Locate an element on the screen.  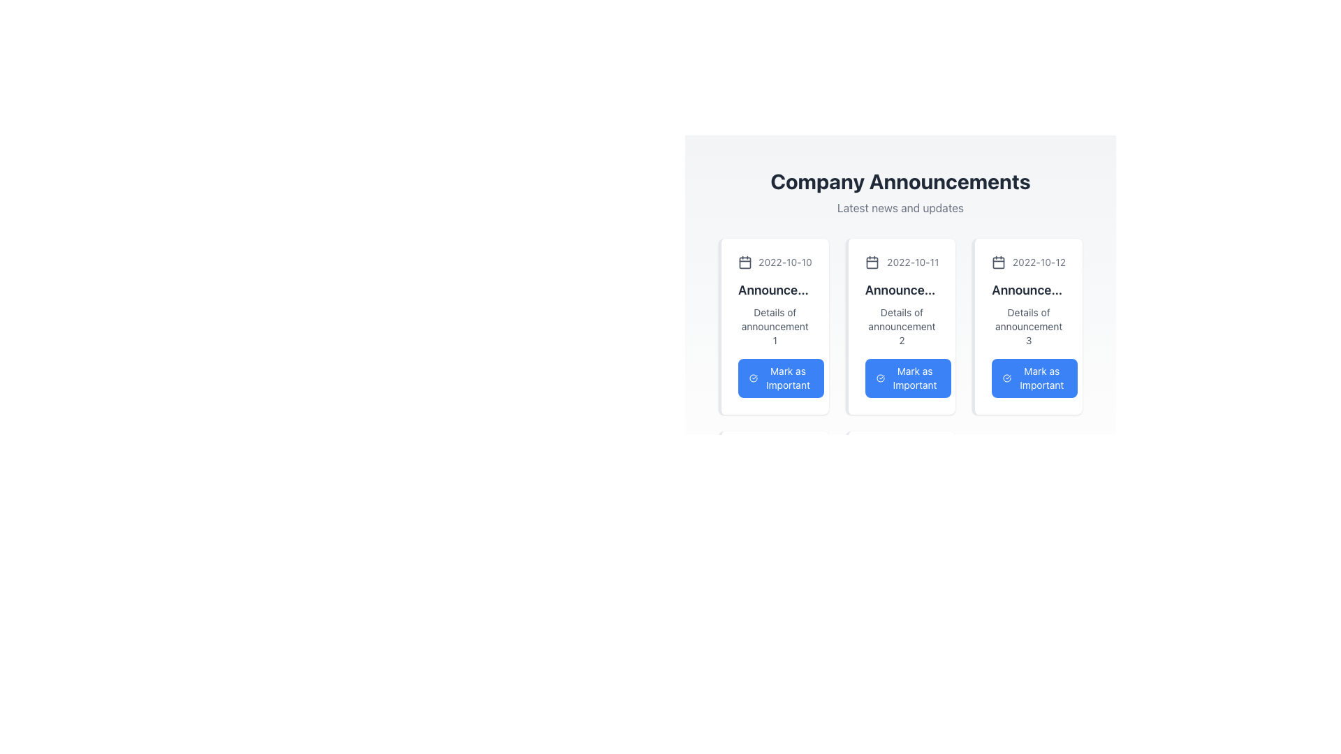
date information displayed in the Text Label with Icon at the top of 'Announcement 3' card is located at coordinates (1029, 262).